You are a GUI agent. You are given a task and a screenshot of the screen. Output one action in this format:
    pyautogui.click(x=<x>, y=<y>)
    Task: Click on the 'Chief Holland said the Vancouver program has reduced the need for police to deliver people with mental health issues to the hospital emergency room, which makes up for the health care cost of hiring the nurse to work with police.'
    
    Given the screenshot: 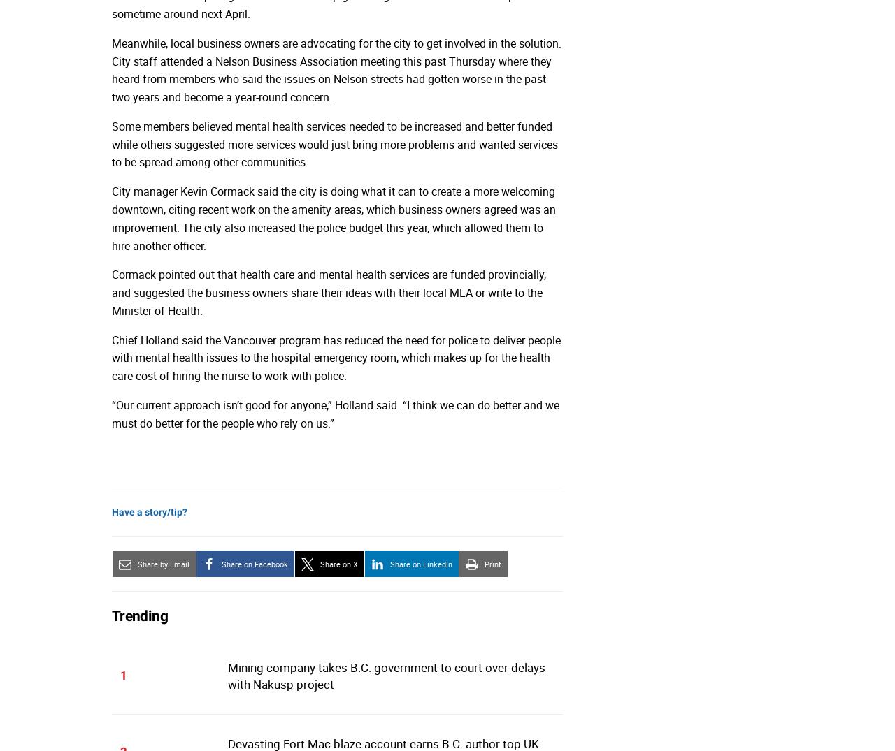 What is the action you would take?
    pyautogui.click(x=336, y=357)
    